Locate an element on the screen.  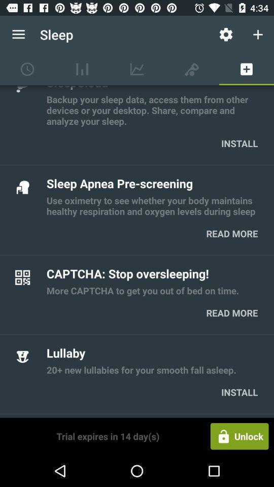
the settings icon shown right to sleep at the top of the page is located at coordinates (226, 34).